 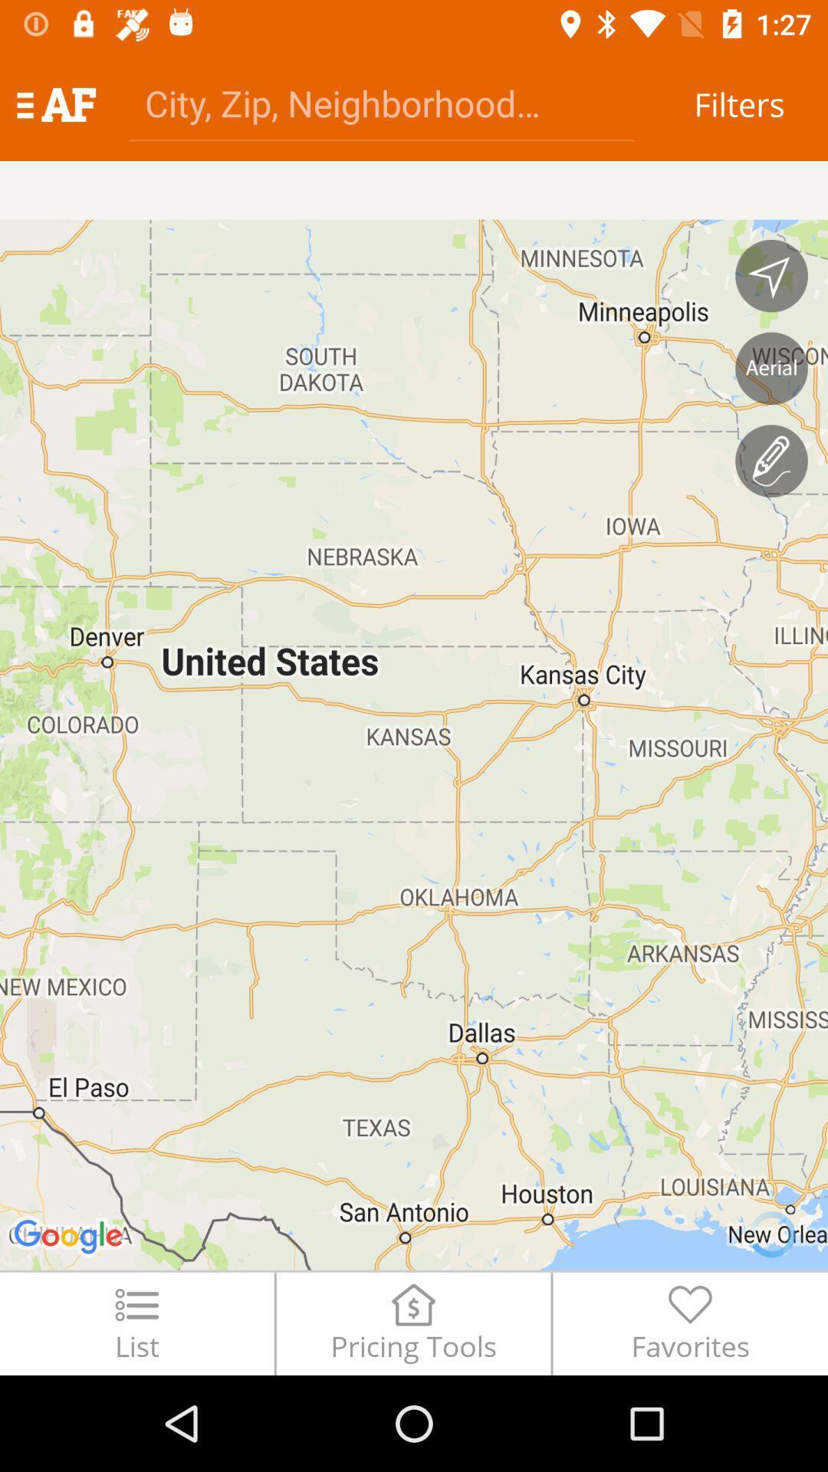 What do you see at coordinates (380, 102) in the screenshot?
I see `search textbox` at bounding box center [380, 102].